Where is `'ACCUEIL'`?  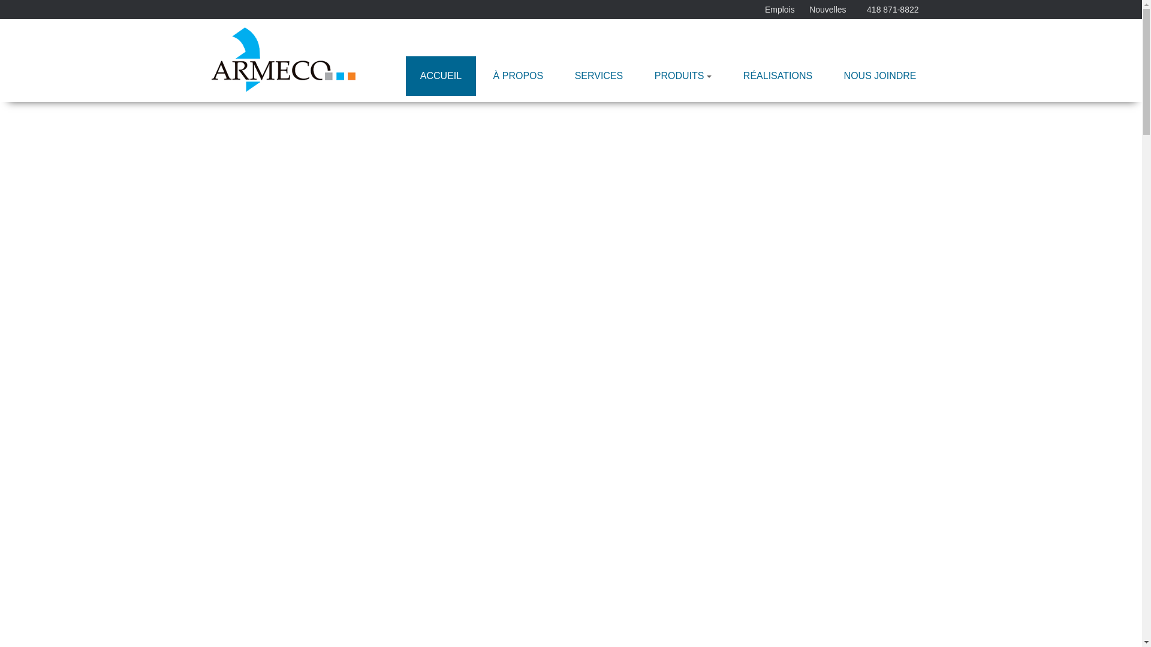
'ACCUEIL' is located at coordinates (440, 76).